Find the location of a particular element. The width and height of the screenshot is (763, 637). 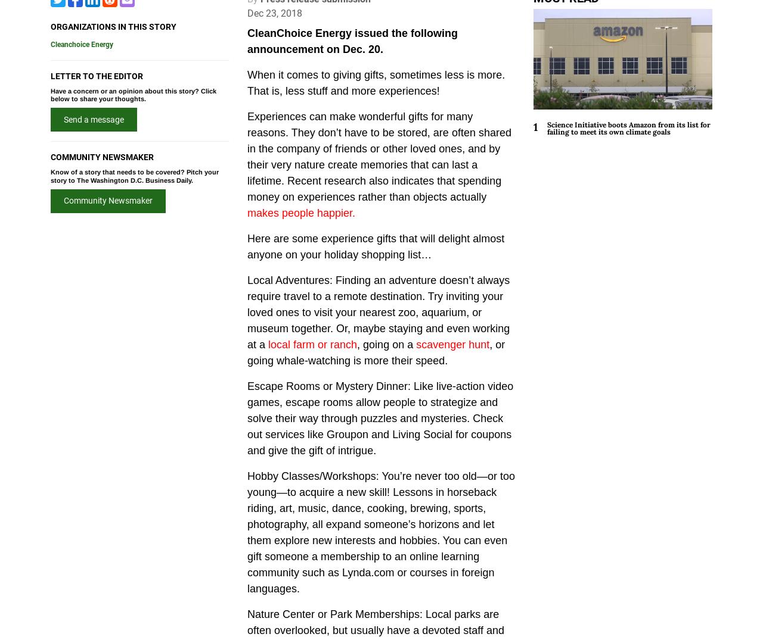

'makes people happier.' is located at coordinates (246, 213).